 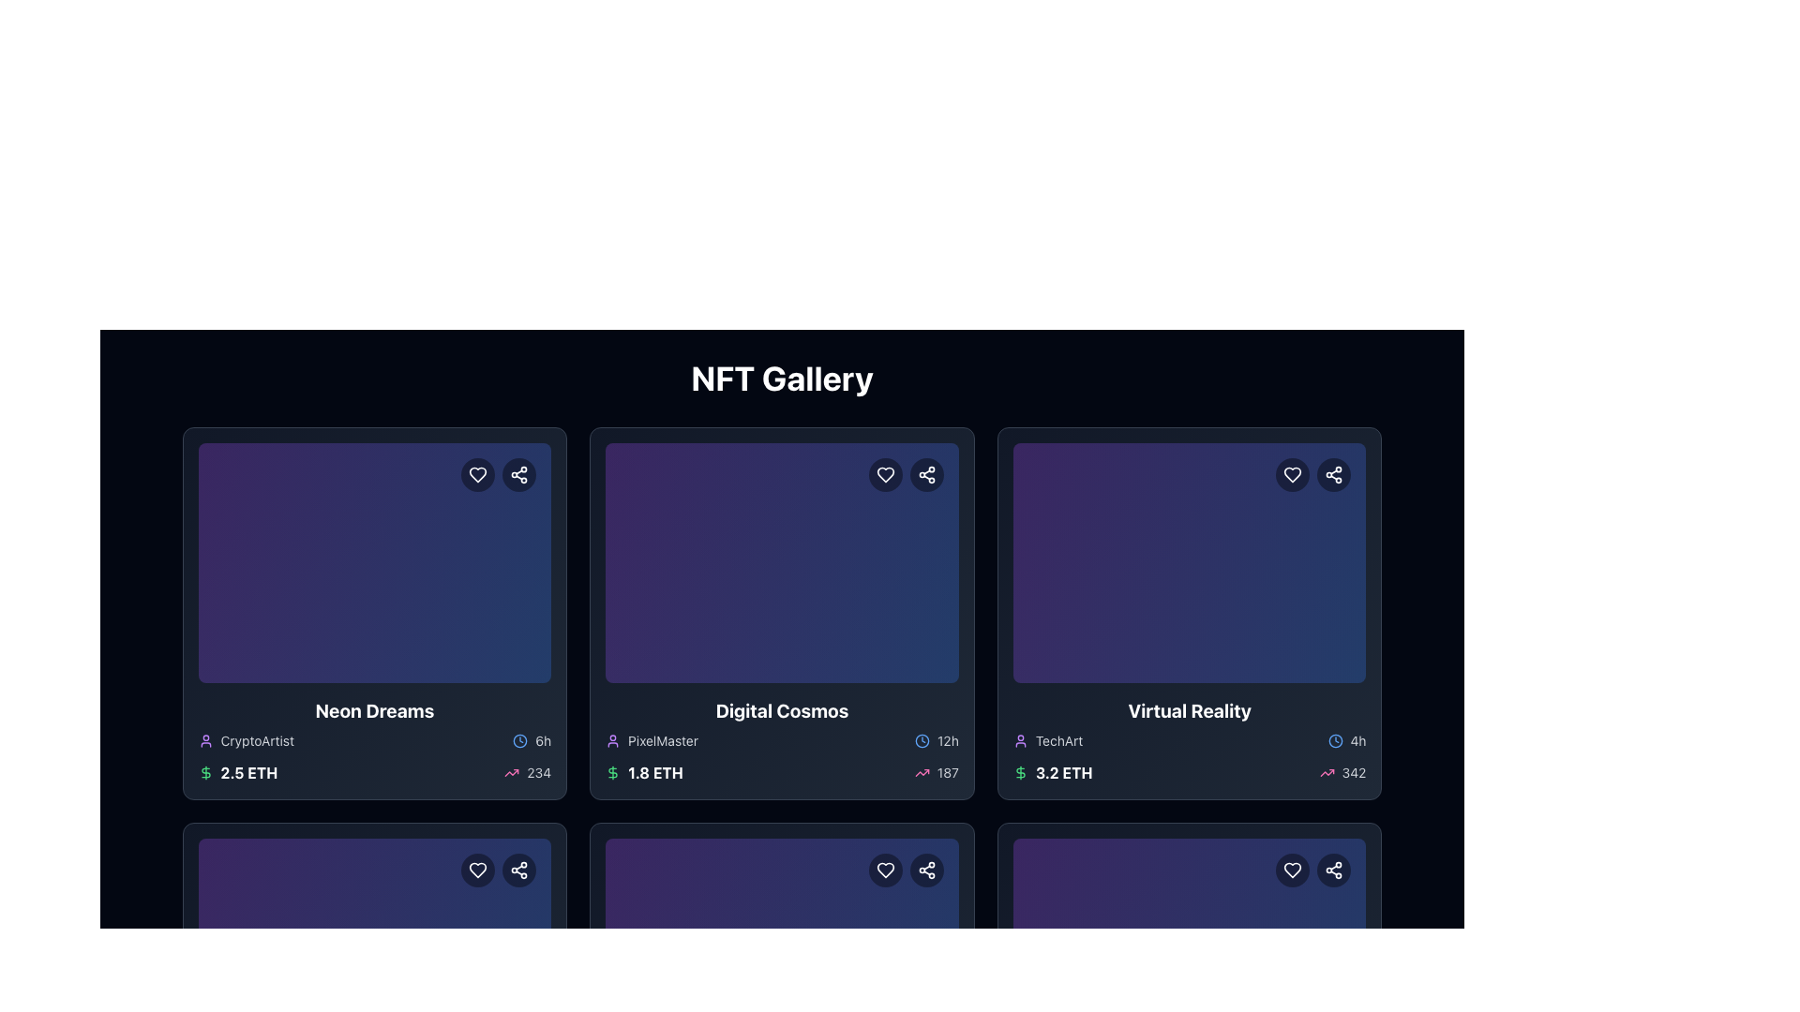 I want to click on displayed information from the monetary value text '2.5 ETH' located in the leftmost card of the NFT Gallery layout at the bottom-left corner, so click(x=237, y=773).